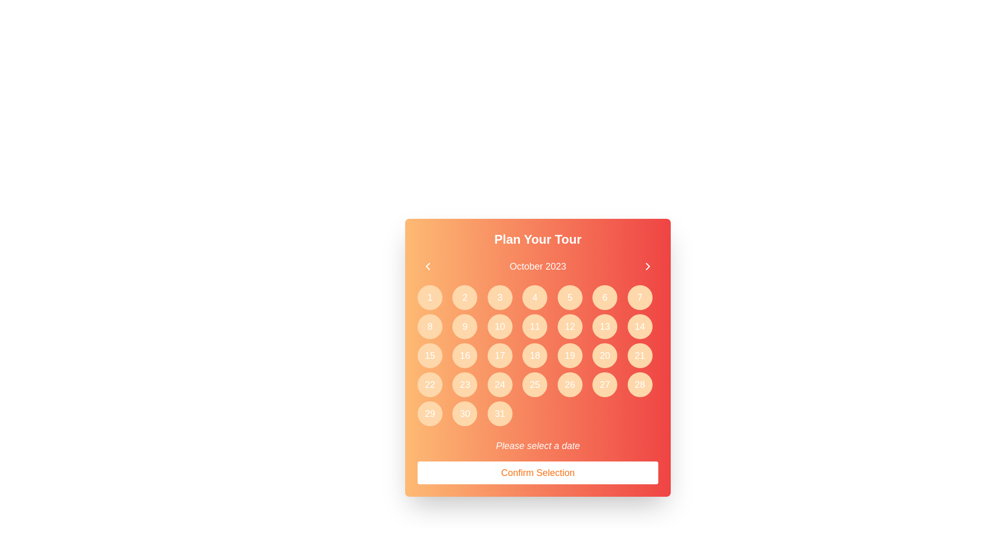 The height and width of the screenshot is (560, 996). Describe the element at coordinates (647, 265) in the screenshot. I see `the chevron-right icon, which is styled as an arrow pointing to the right and located at the top-right corner of the interface in the red gradient header section` at that location.